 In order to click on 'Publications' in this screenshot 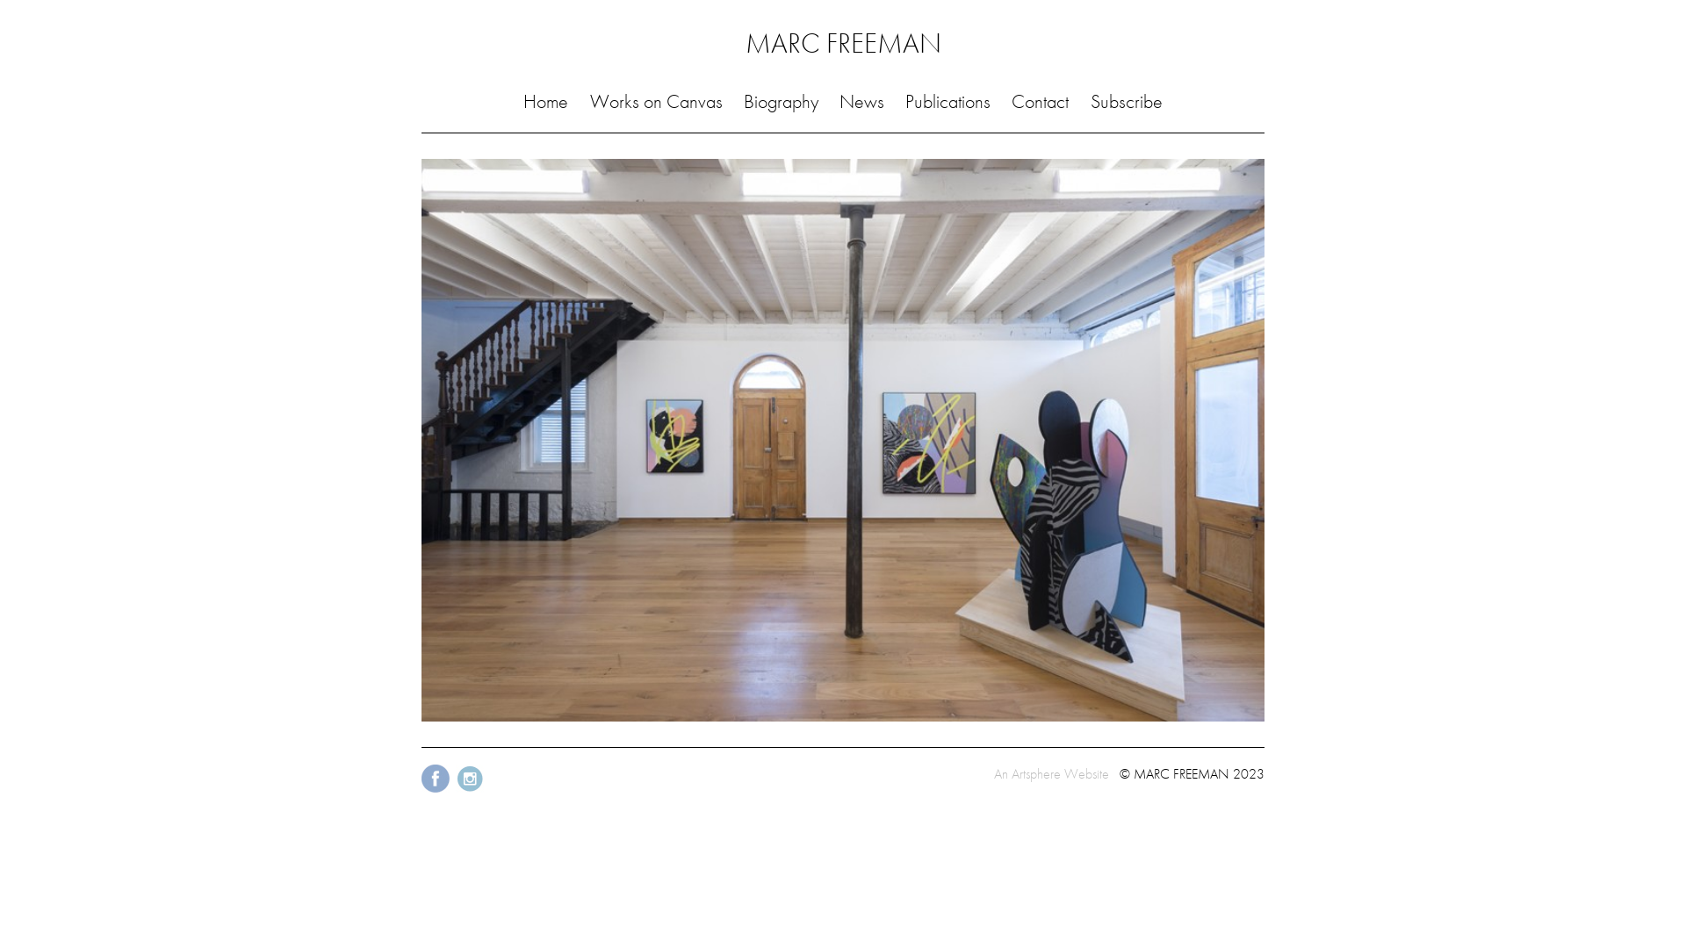, I will do `click(947, 101)`.